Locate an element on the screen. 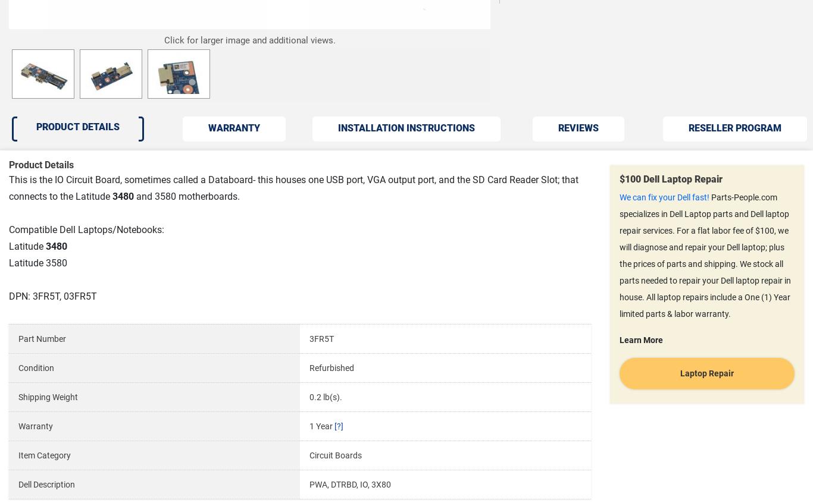 The image size is (813, 503). 'How To Tutorials & Videos' is located at coordinates (549, 273).